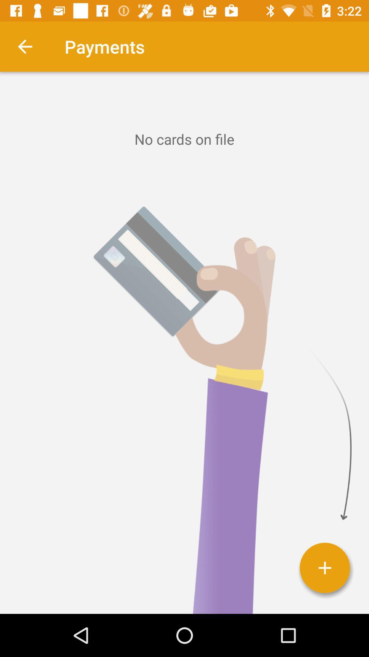  Describe the element at coordinates (325, 568) in the screenshot. I see `the add icon` at that location.